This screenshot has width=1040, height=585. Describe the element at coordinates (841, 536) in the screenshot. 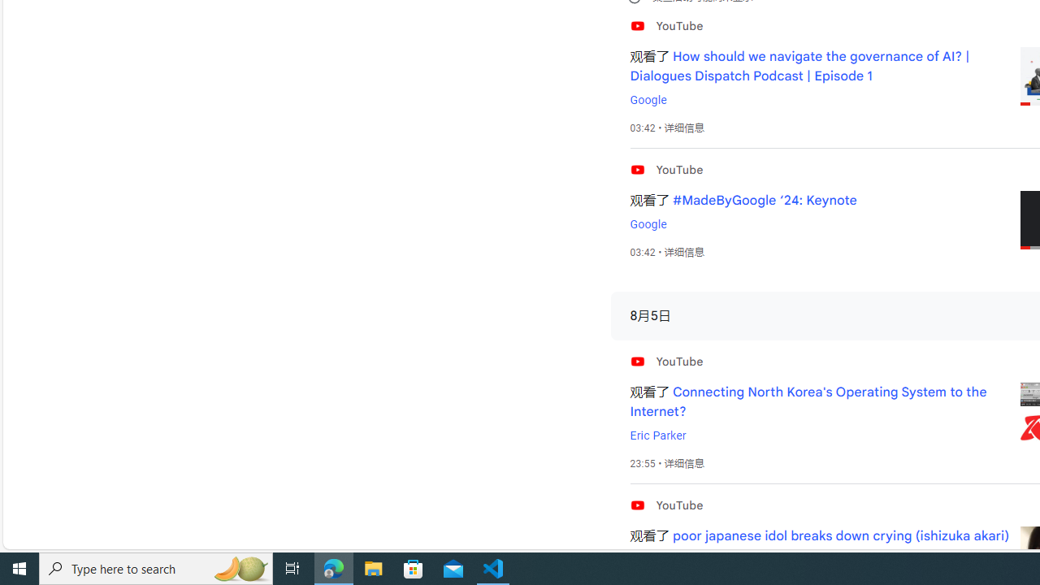

I see `'poor japanese idol breaks down crying (ishizuka akari)'` at that location.